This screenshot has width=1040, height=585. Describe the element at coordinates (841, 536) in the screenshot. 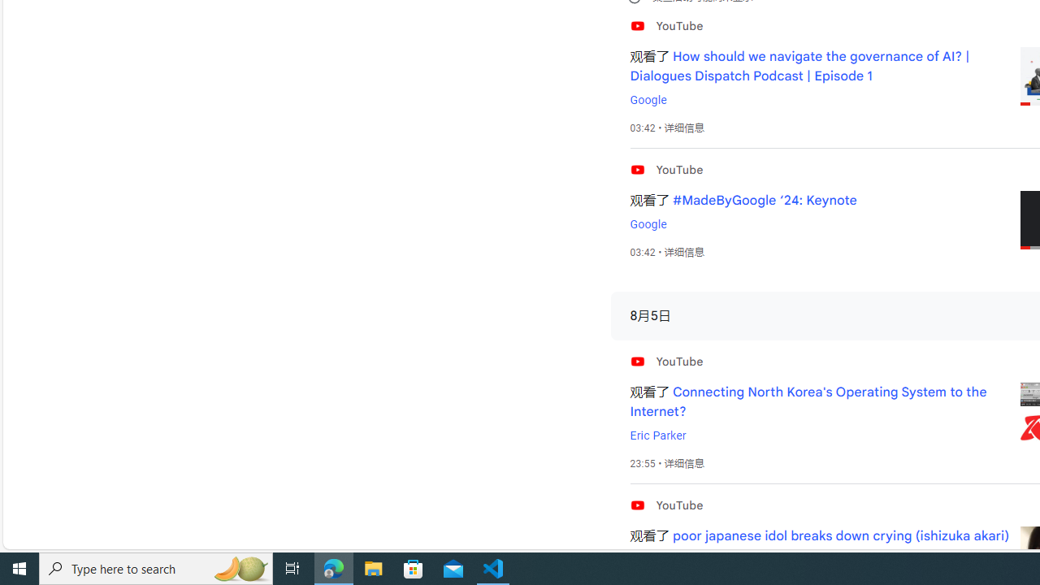

I see `'poor japanese idol breaks down crying (ishizuka akari)'` at that location.